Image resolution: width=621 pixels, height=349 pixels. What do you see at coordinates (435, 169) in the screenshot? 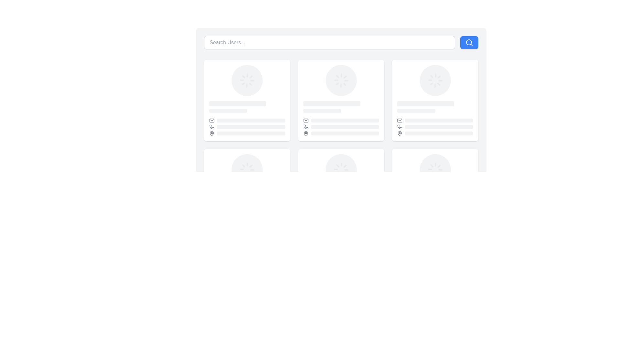
I see `the loading indicator or spinner located in the central circular area of the card in the far-right column of the bottom row of the card grid layout` at bounding box center [435, 169].